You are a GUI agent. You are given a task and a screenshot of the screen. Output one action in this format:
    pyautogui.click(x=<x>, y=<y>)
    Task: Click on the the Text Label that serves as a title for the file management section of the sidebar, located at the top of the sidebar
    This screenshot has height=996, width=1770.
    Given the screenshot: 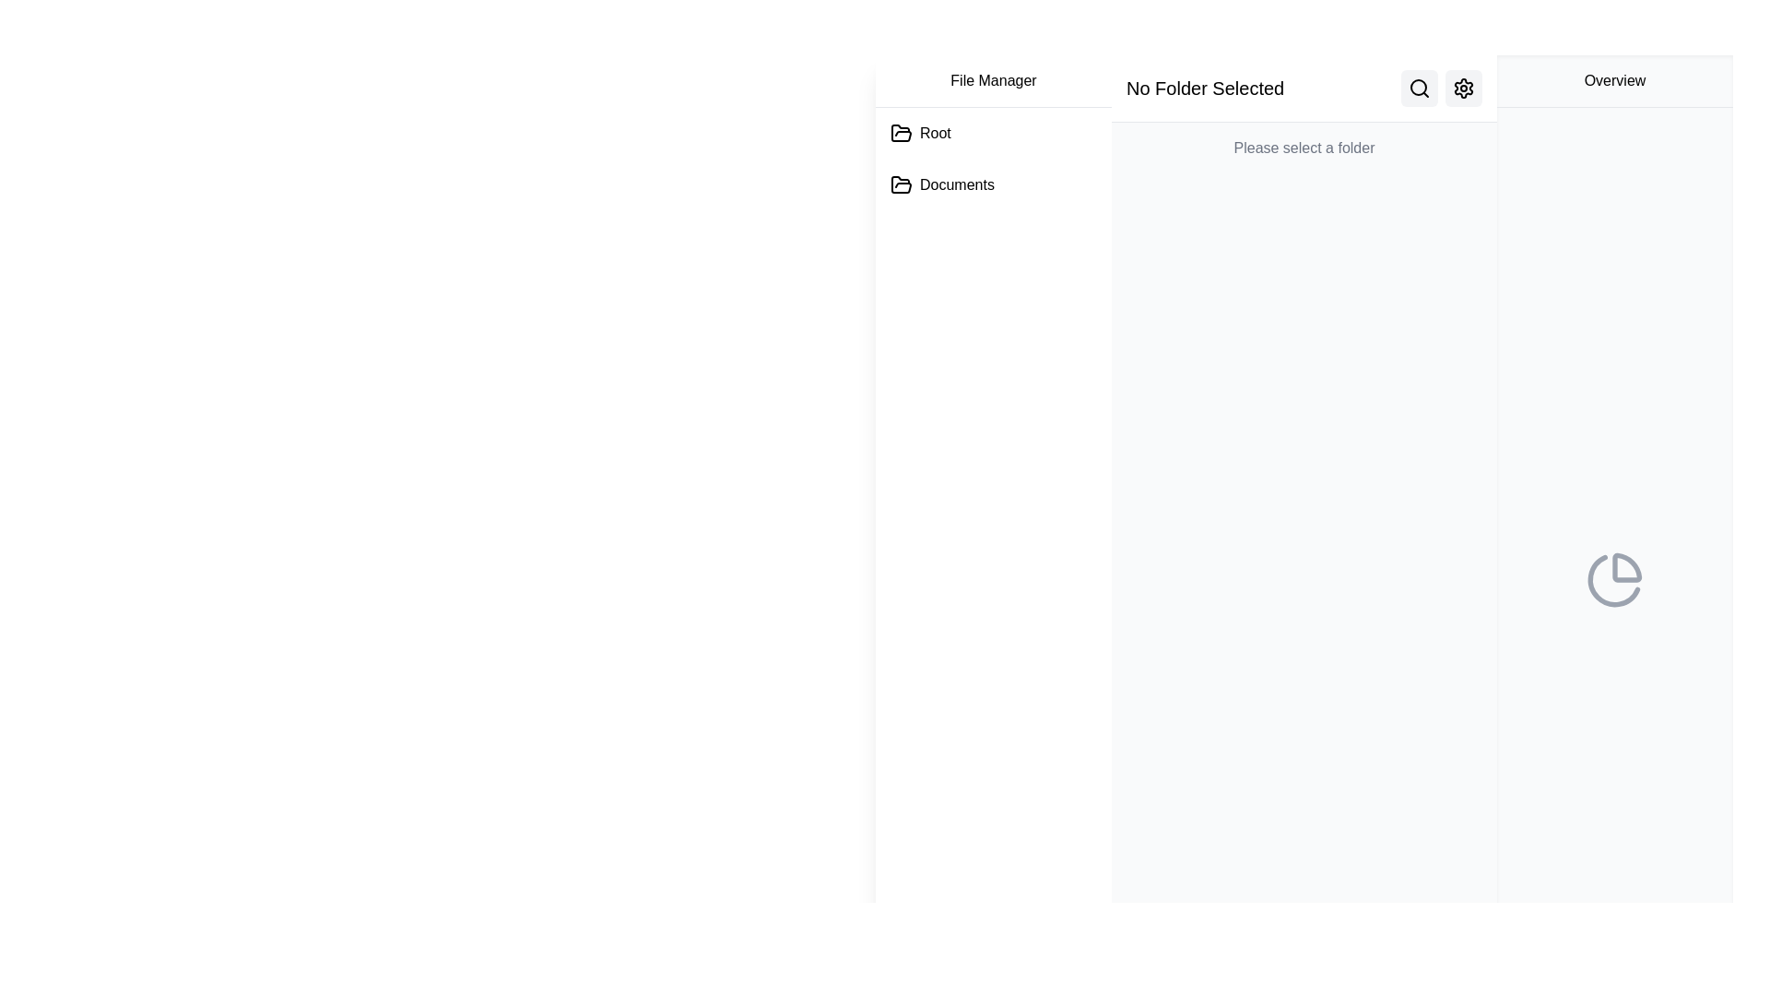 What is the action you would take?
    pyautogui.click(x=993, y=80)
    